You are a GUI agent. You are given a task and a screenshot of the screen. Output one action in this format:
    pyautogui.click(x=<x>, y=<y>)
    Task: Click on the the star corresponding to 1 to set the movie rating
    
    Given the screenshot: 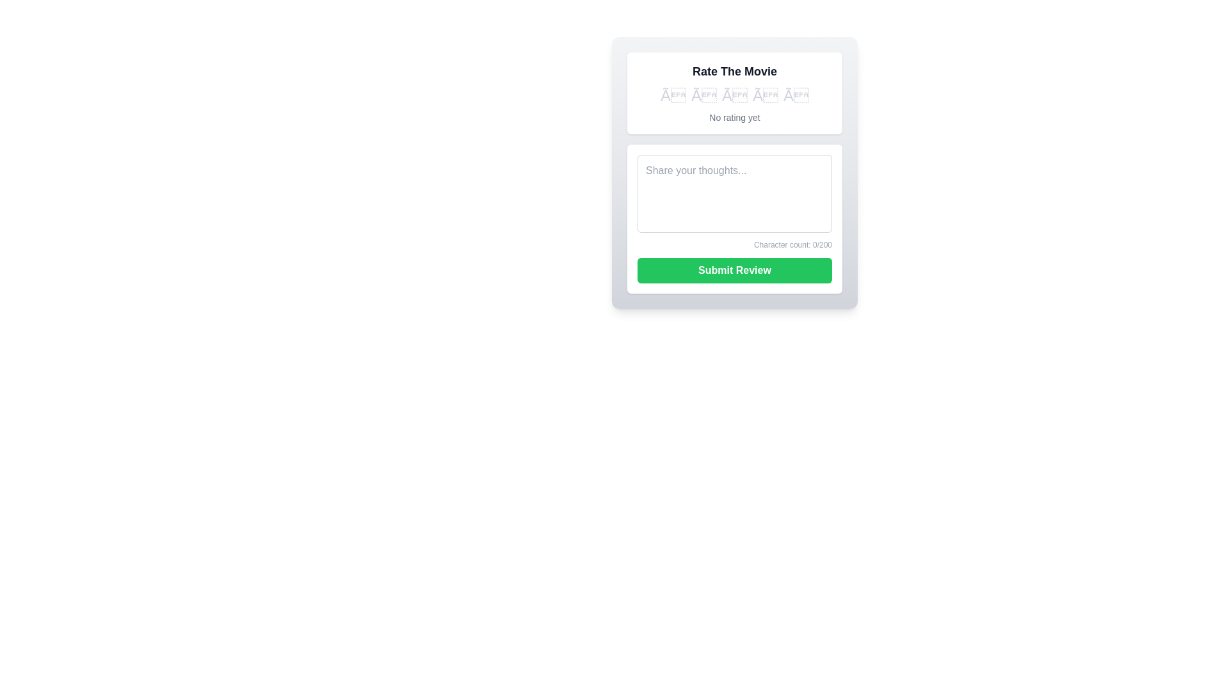 What is the action you would take?
    pyautogui.click(x=672, y=95)
    